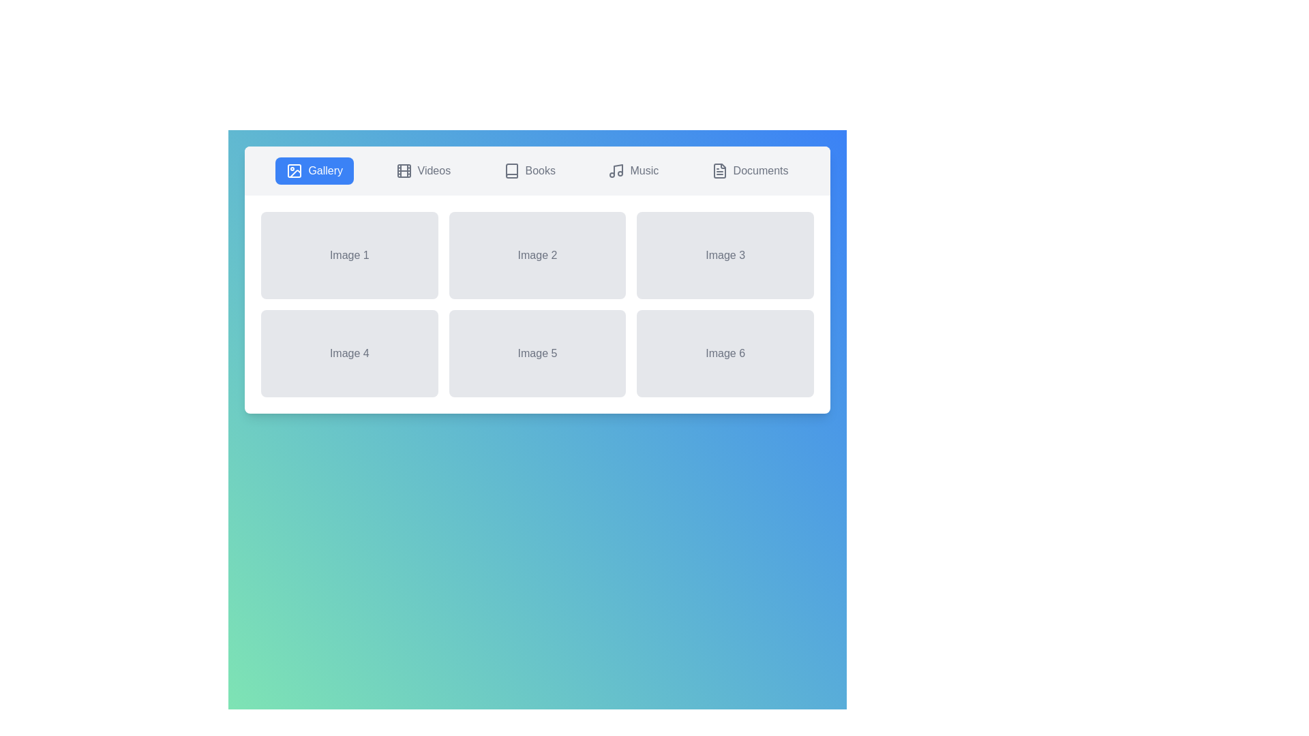 This screenshot has width=1309, height=736. I want to click on the icon resembling an image or picture frame, which features a small circular shape representing a sun or moon and a diagonal line suggesting a mountain or landscape, located within the 'Gallery' button in the navigation bar, so click(294, 170).